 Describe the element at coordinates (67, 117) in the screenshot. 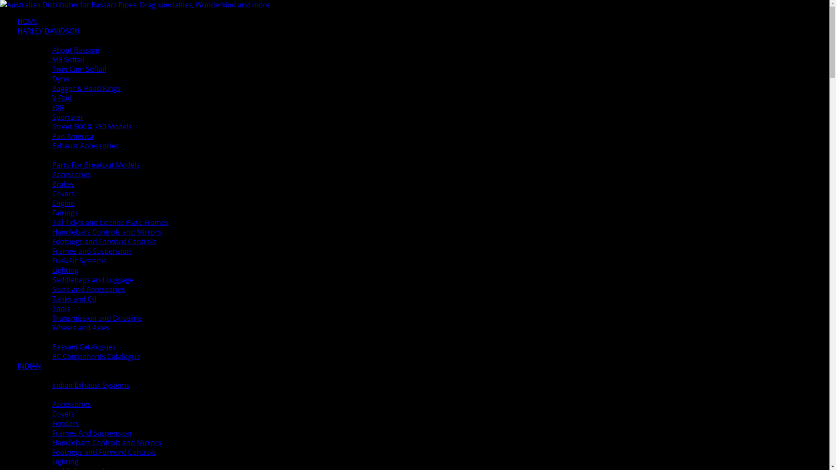

I see `'Sportster'` at that location.